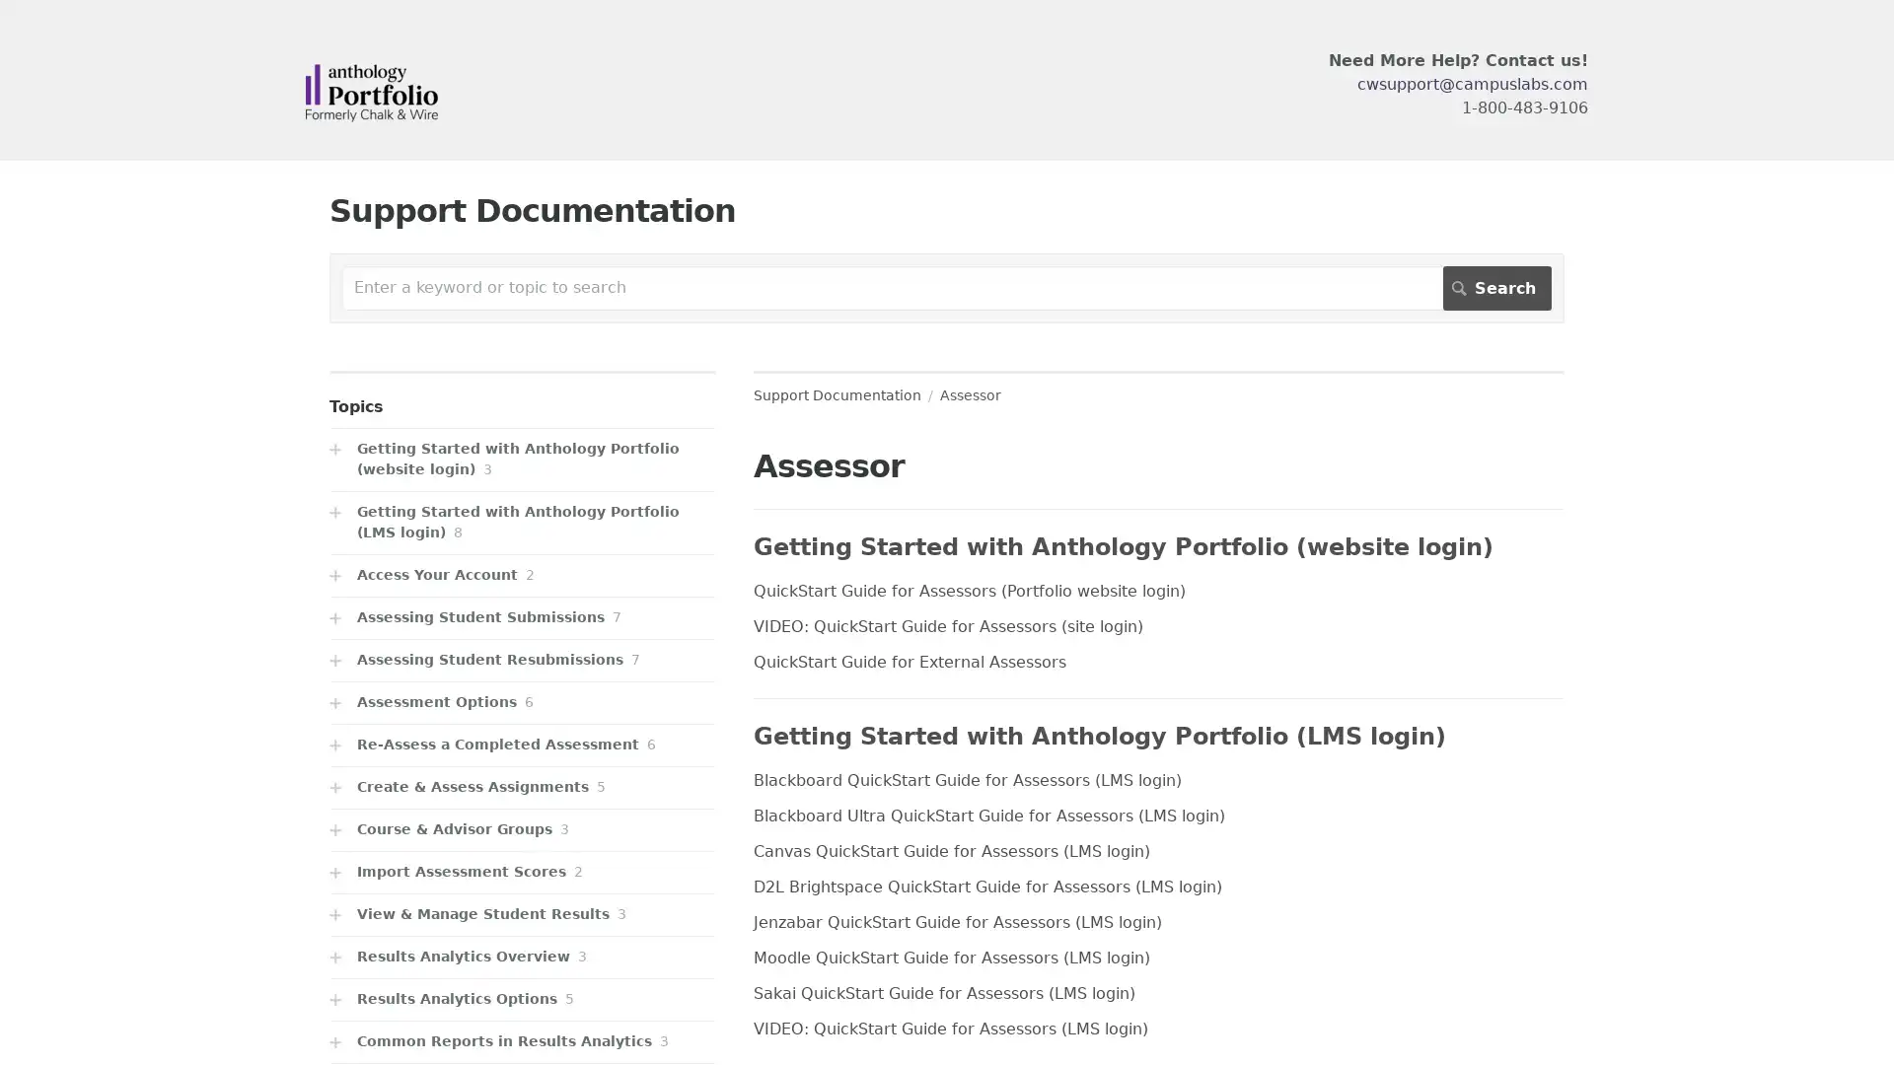  Describe the element at coordinates (522, 701) in the screenshot. I see `Assessment Options 6` at that location.